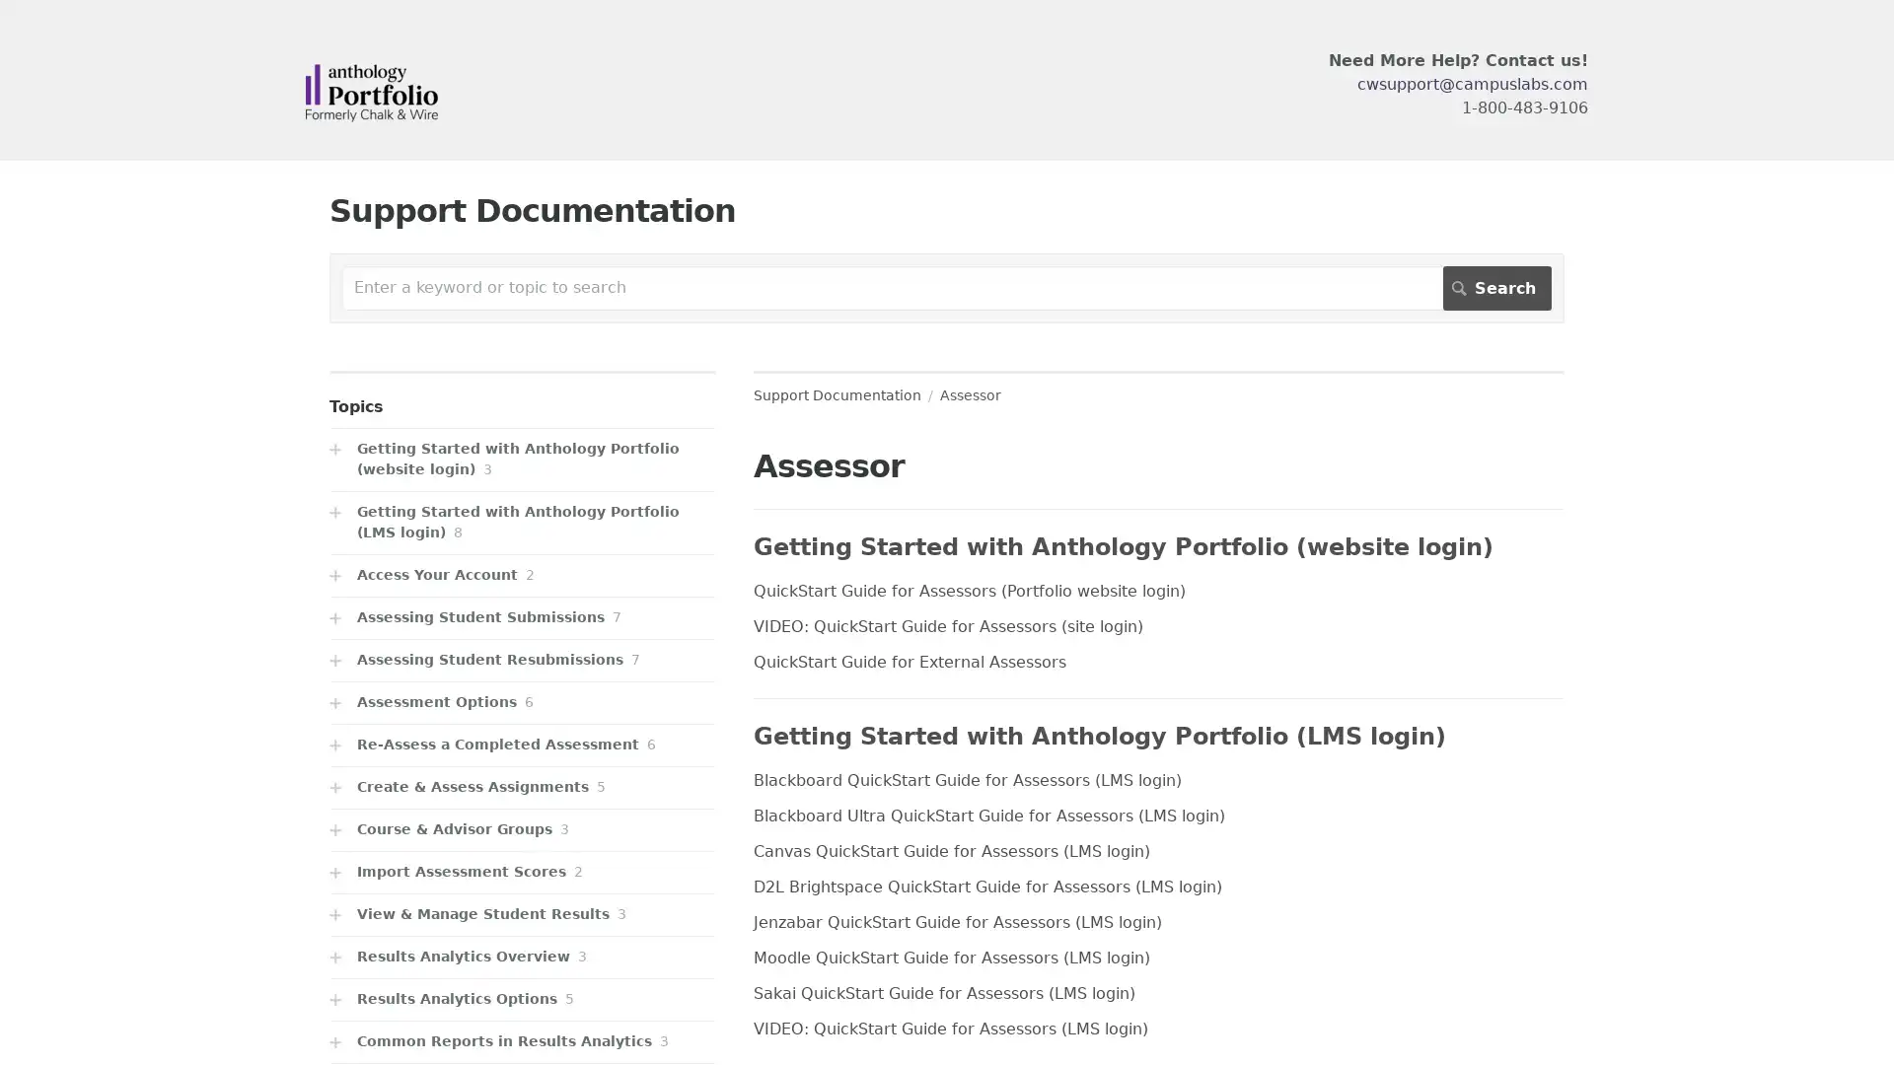  Describe the element at coordinates (522, 701) in the screenshot. I see `Assessment Options 6` at that location.